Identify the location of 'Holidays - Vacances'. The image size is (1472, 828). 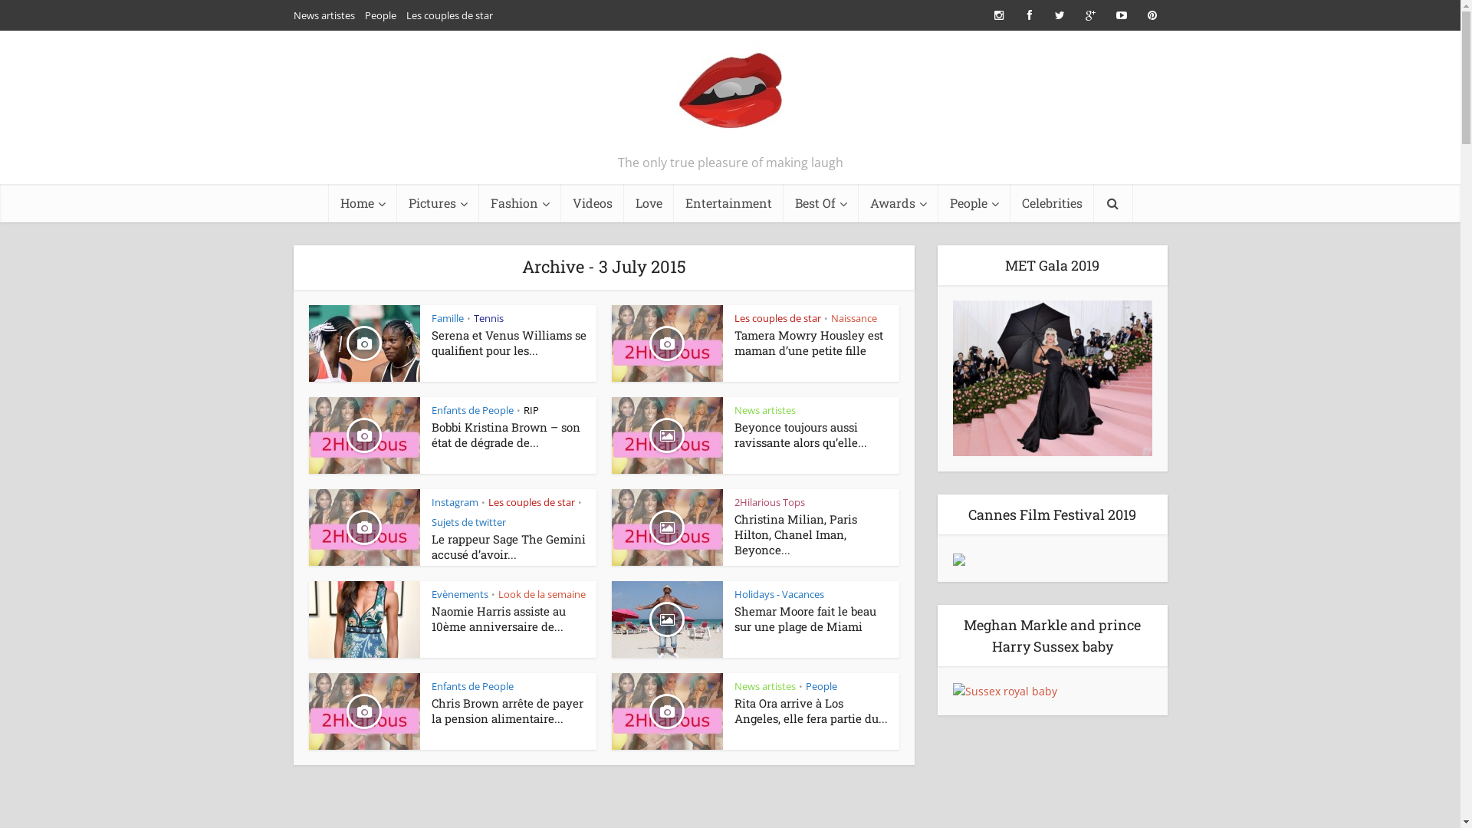
(734, 593).